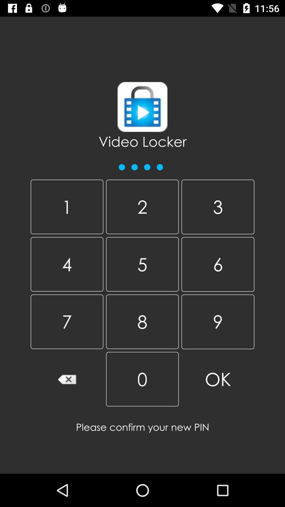  Describe the element at coordinates (218, 321) in the screenshot. I see `item to the right of 5 icon` at that location.